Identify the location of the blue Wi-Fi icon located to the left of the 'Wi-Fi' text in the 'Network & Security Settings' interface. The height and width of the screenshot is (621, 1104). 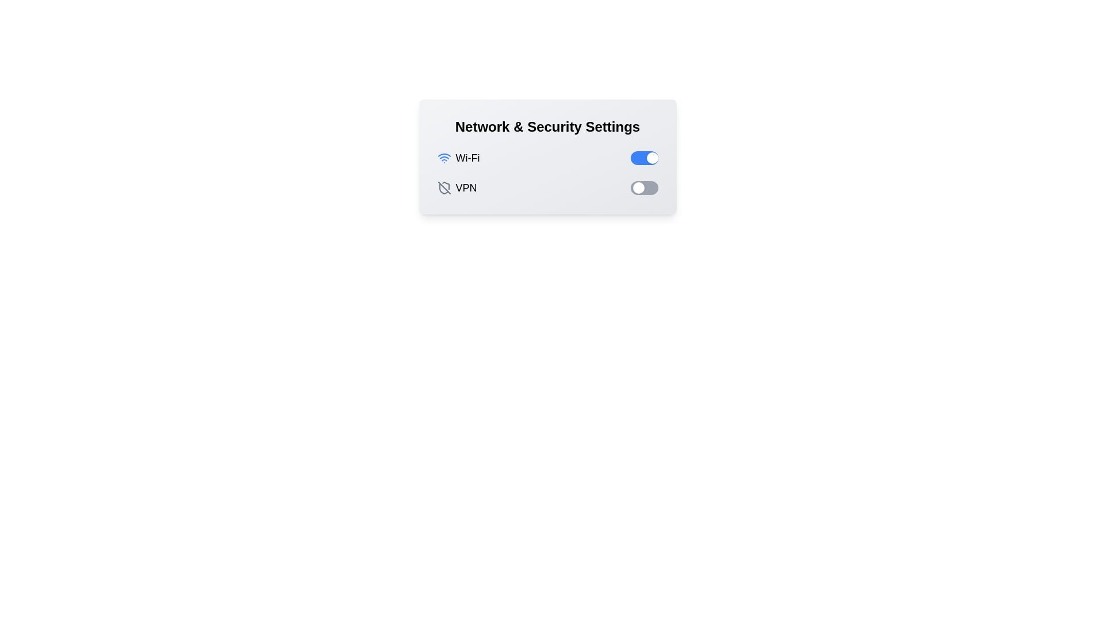
(443, 158).